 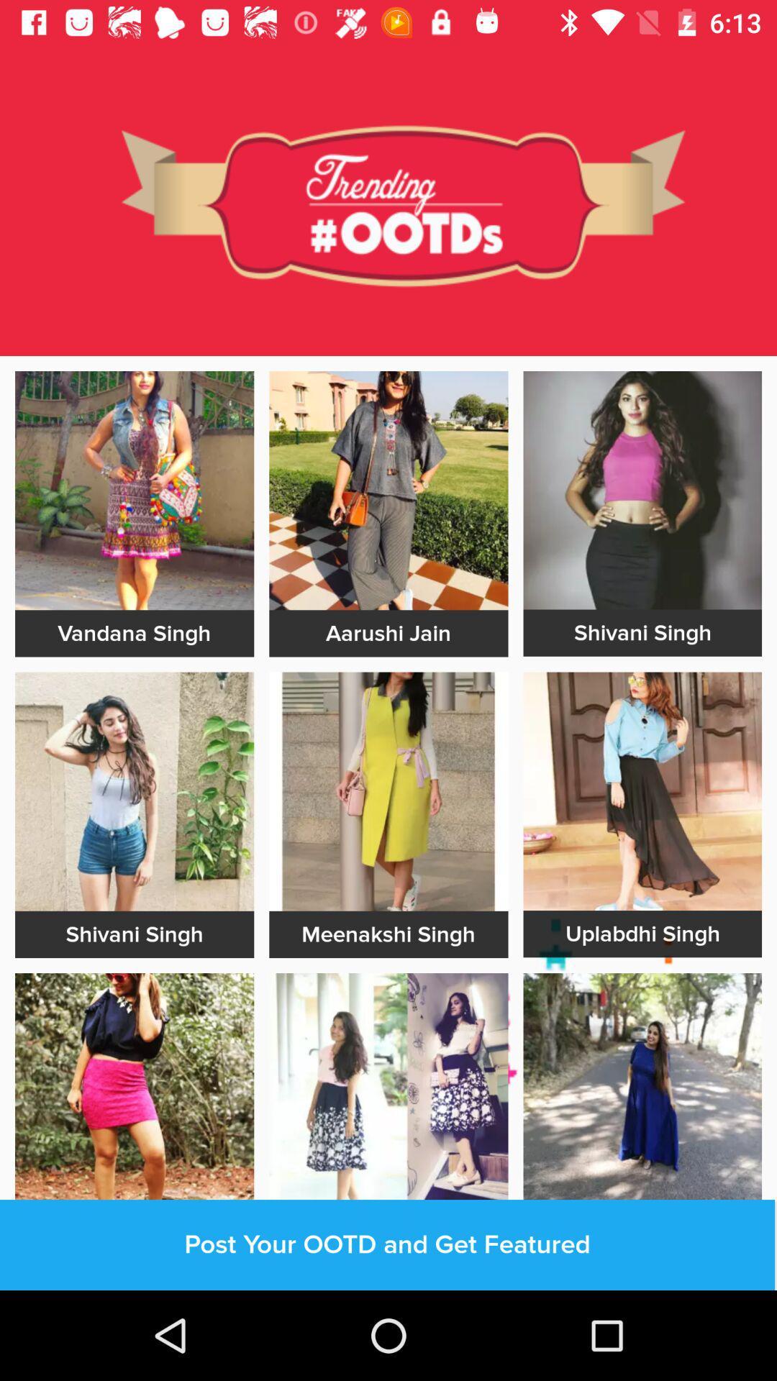 What do you see at coordinates (642, 1092) in the screenshot?
I see `move to the last picture in the third row` at bounding box center [642, 1092].